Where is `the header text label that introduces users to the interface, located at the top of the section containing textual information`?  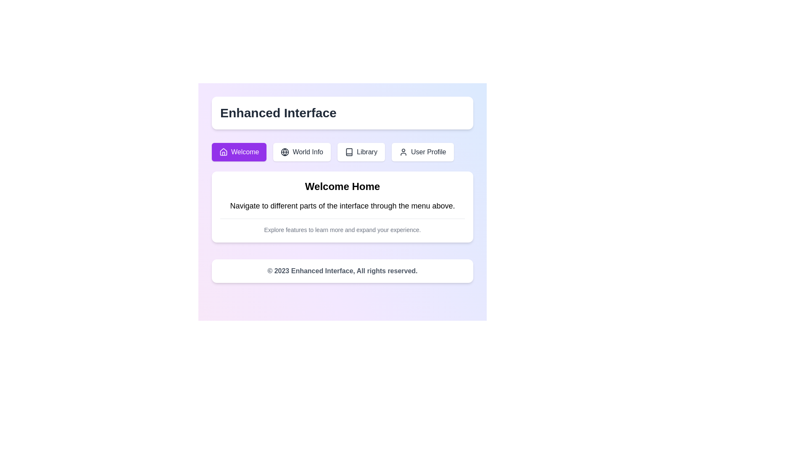
the header text label that introduces users to the interface, located at the top of the section containing textual information is located at coordinates (343, 186).